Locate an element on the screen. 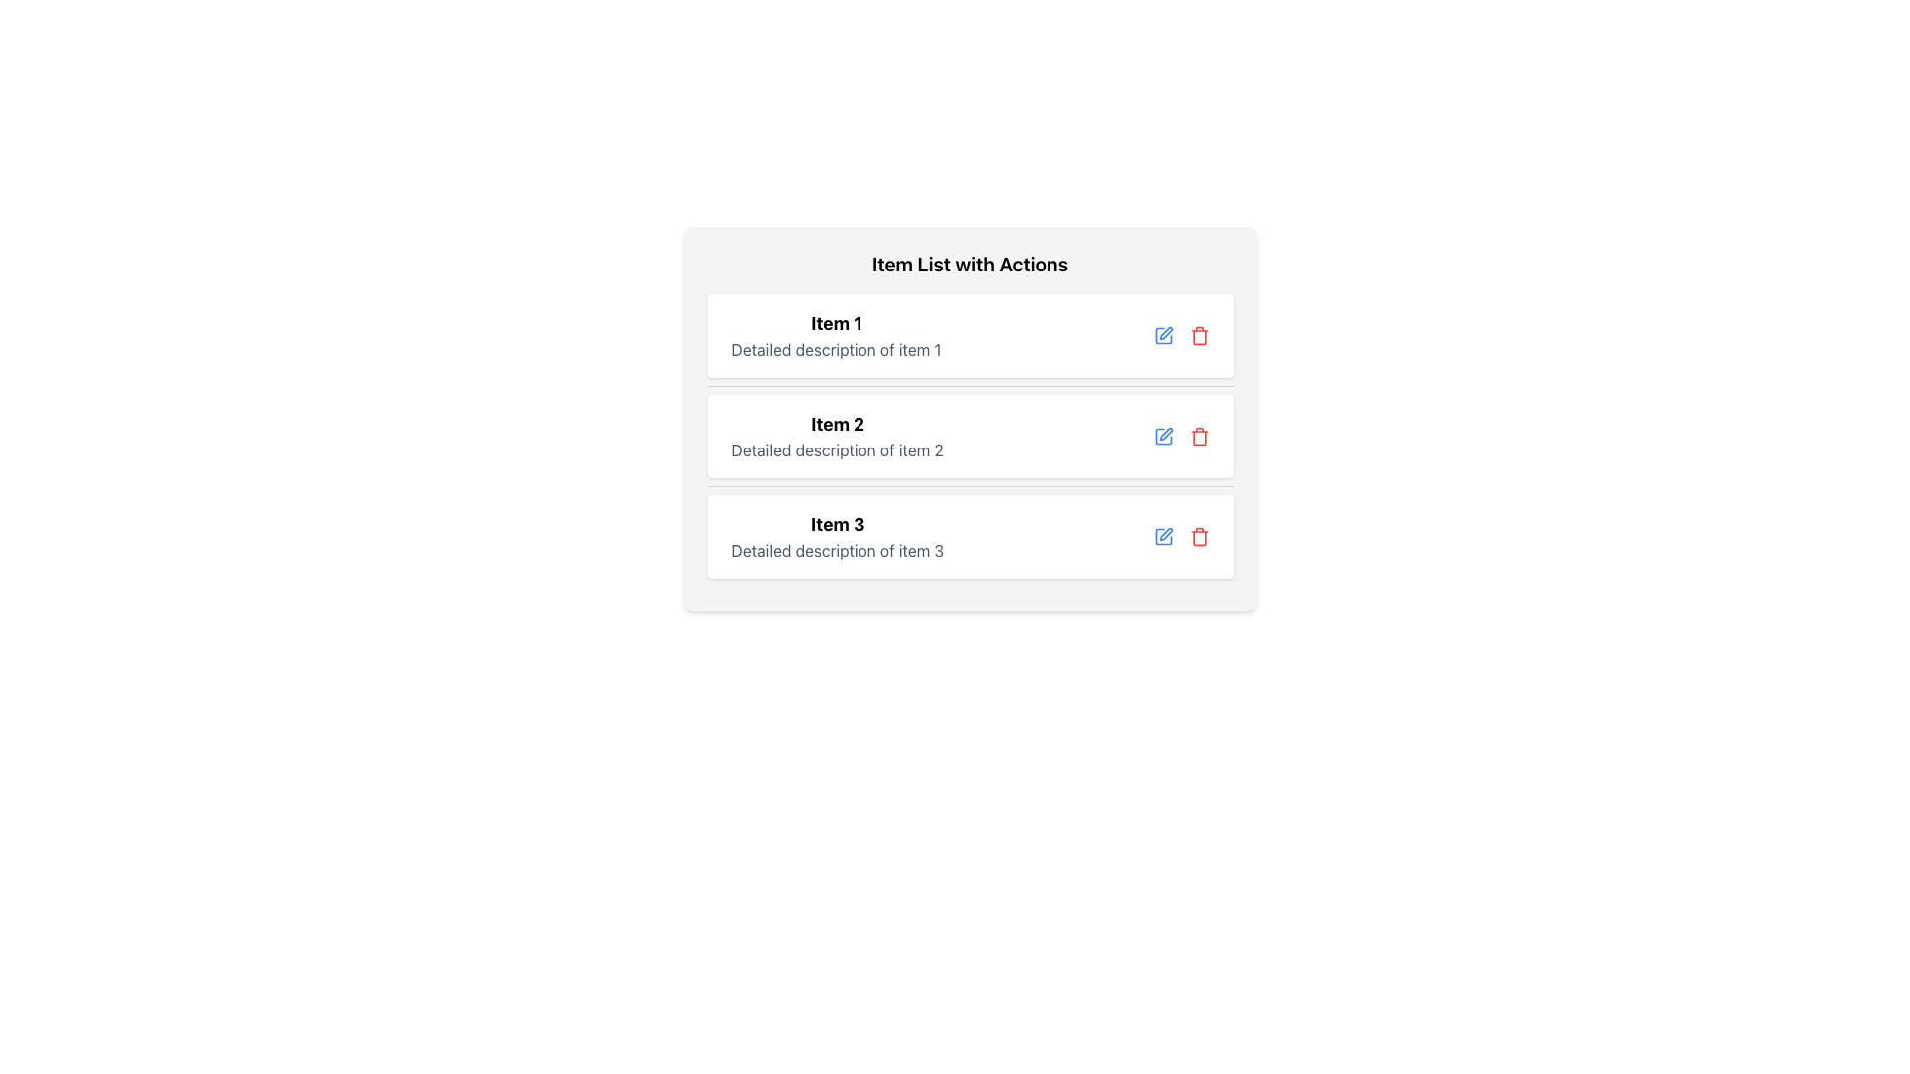 Image resolution: width=1910 pixels, height=1074 pixels. the Text Label that serves as the title or heading for the related item in the list, located in the third row of a vertically arranged item list is located at coordinates (838, 524).